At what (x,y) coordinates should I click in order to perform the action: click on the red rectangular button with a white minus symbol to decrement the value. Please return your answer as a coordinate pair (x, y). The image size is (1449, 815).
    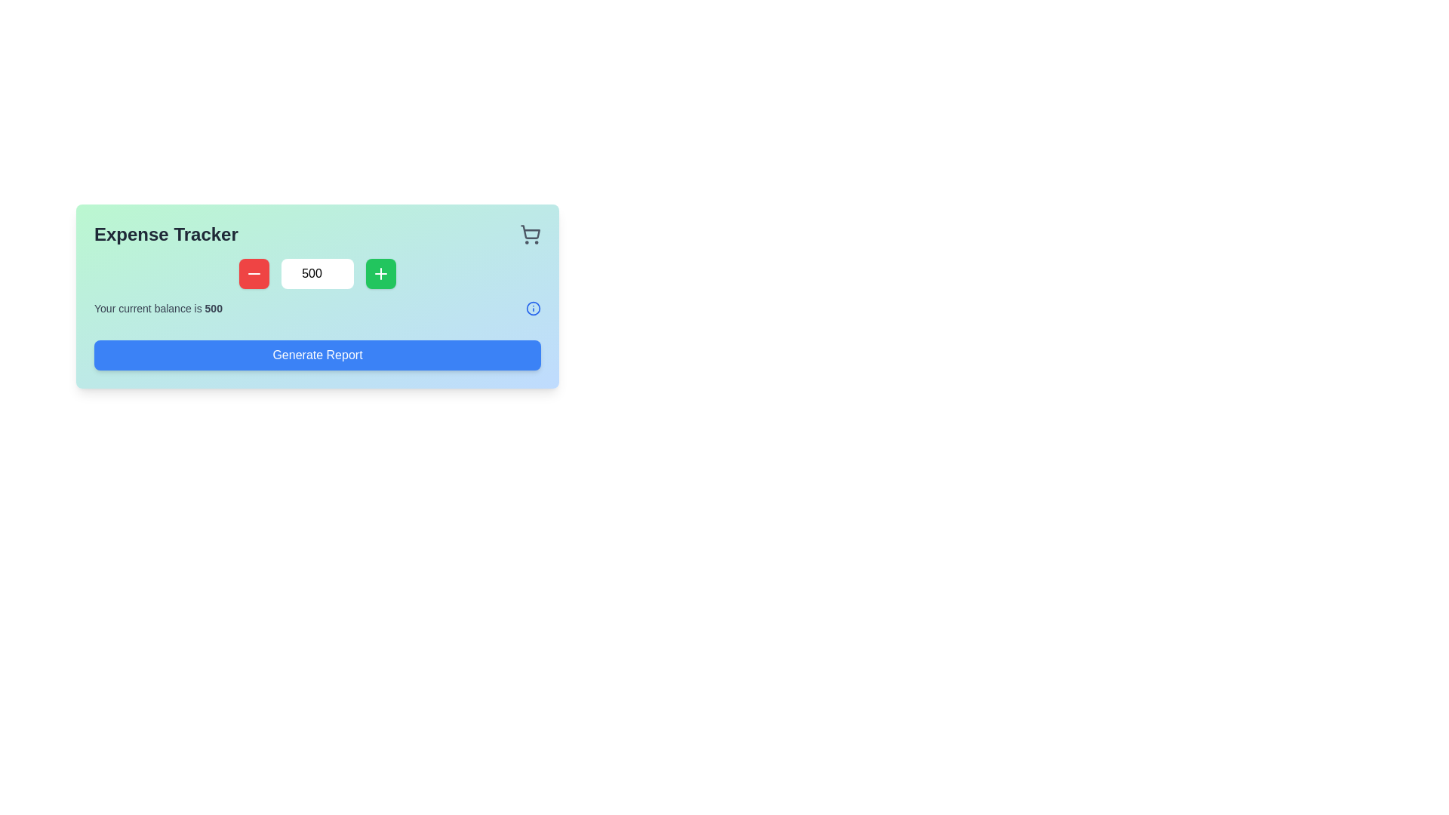
    Looking at the image, I should click on (254, 273).